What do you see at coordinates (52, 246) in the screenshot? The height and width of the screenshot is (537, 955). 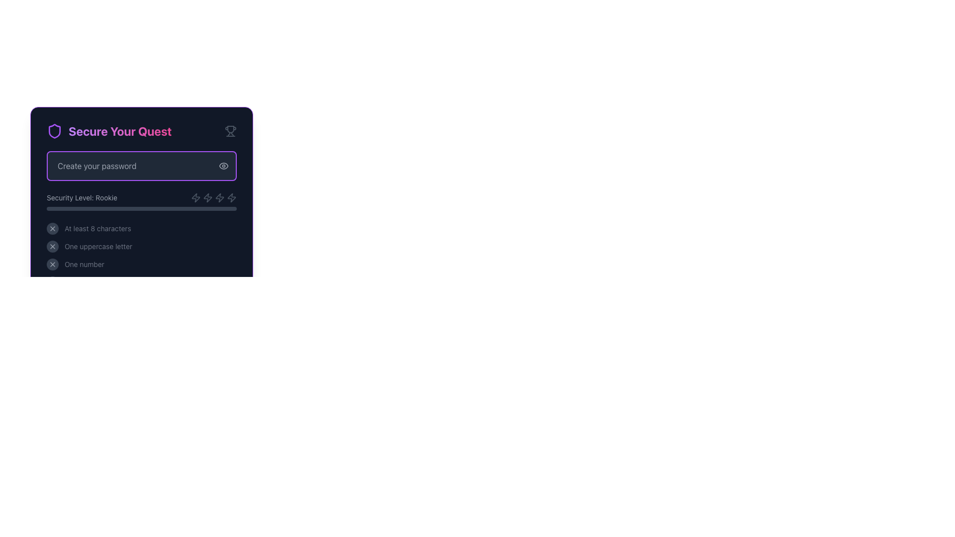 I see `the circular gray icon with an 'X' mark, which indicates a negative status and is positioned second in a vertical list of password requirements` at bounding box center [52, 246].